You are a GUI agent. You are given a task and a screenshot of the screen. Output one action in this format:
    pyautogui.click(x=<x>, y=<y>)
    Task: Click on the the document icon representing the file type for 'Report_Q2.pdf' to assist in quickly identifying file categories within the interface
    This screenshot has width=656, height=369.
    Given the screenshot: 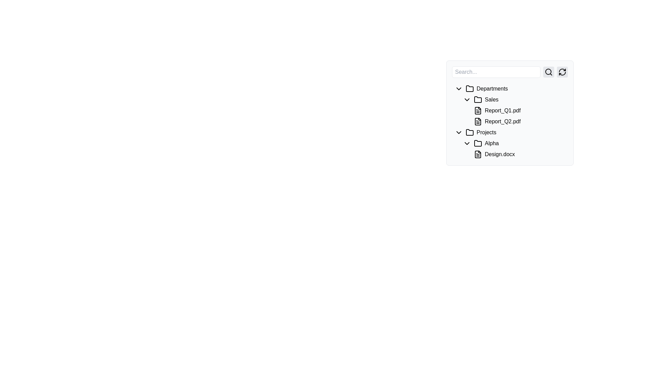 What is the action you would take?
    pyautogui.click(x=479, y=121)
    